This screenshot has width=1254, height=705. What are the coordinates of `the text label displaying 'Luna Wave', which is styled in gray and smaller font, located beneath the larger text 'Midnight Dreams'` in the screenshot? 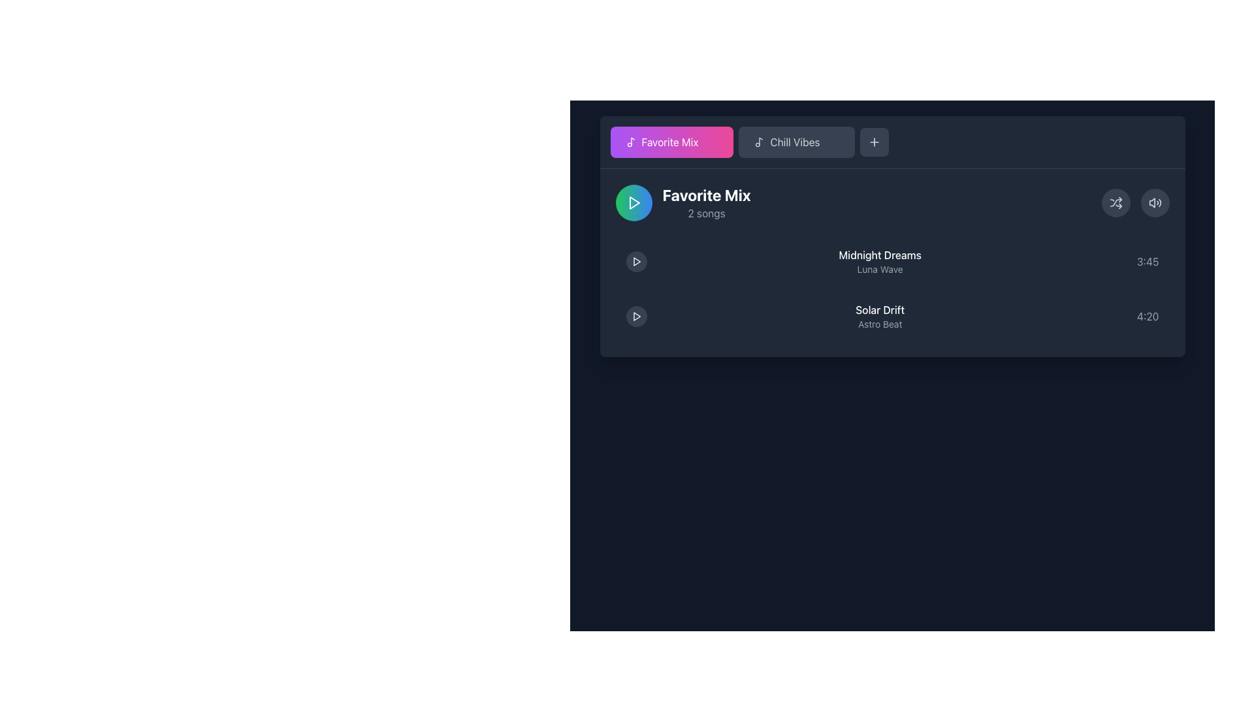 It's located at (880, 268).